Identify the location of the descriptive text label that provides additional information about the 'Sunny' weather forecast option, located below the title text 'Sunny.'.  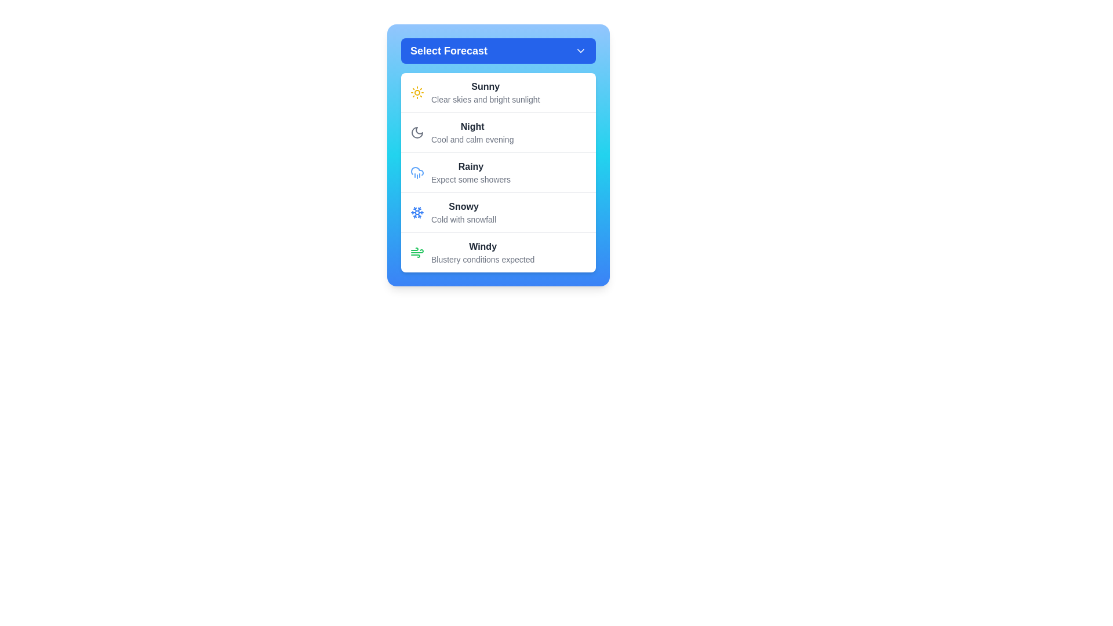
(485, 99).